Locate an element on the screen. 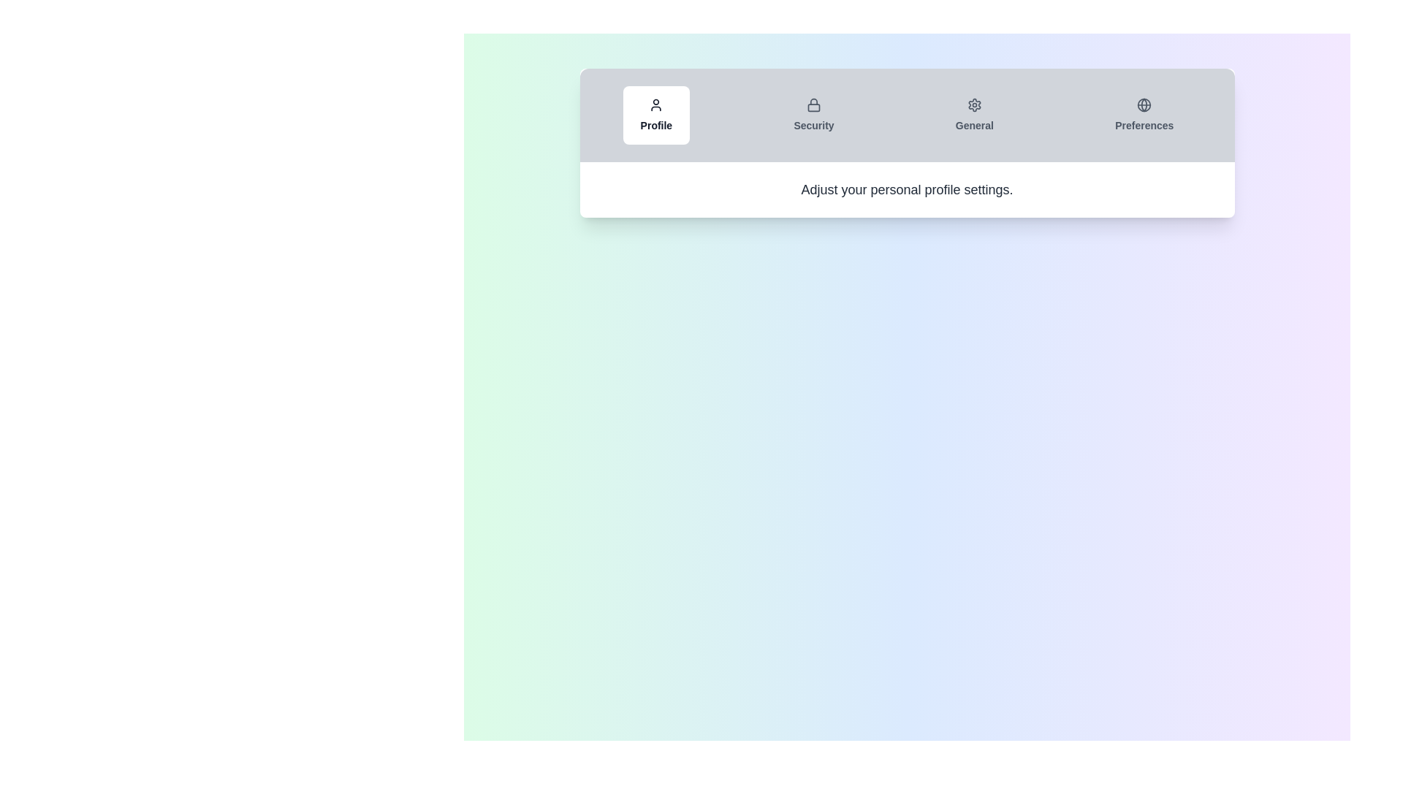 This screenshot has height=789, width=1403. the Security tab to view its content is located at coordinates (813, 115).